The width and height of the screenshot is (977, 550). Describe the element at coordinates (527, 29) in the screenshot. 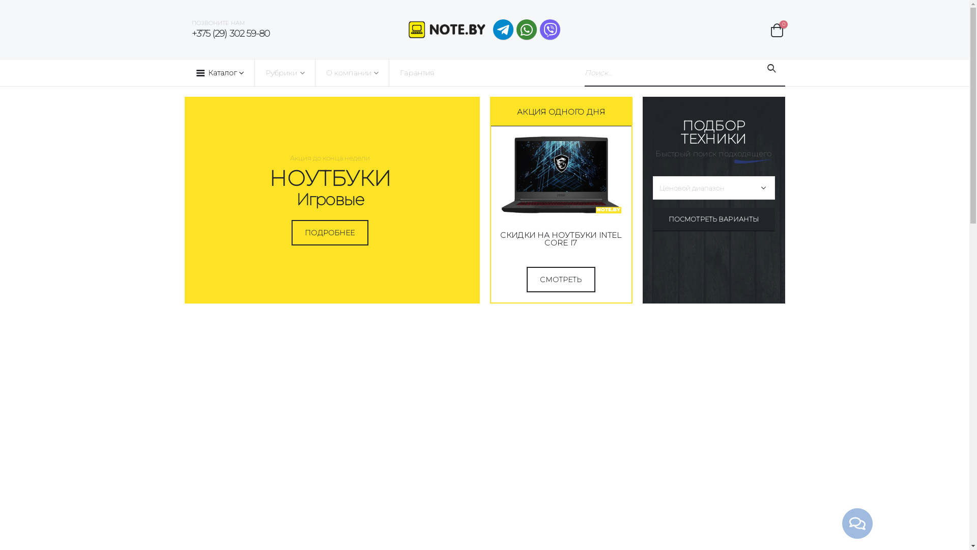

I see `'WhatsApp'` at that location.